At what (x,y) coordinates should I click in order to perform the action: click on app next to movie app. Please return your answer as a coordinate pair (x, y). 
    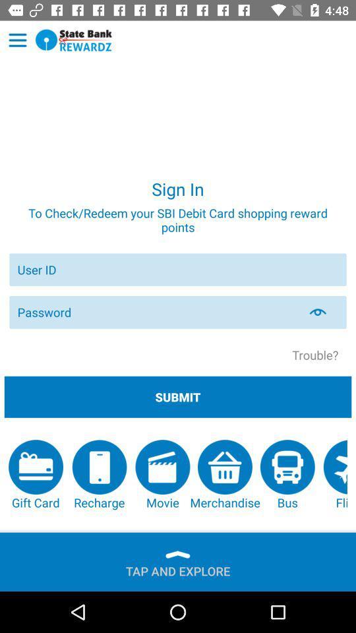
    Looking at the image, I should click on (224, 475).